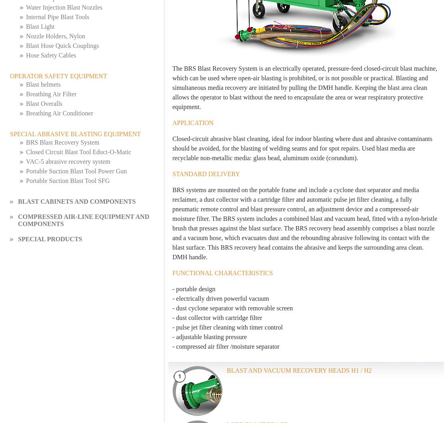 This screenshot has height=423, width=448. I want to click on 'Hose Safety Cables', so click(51, 55).